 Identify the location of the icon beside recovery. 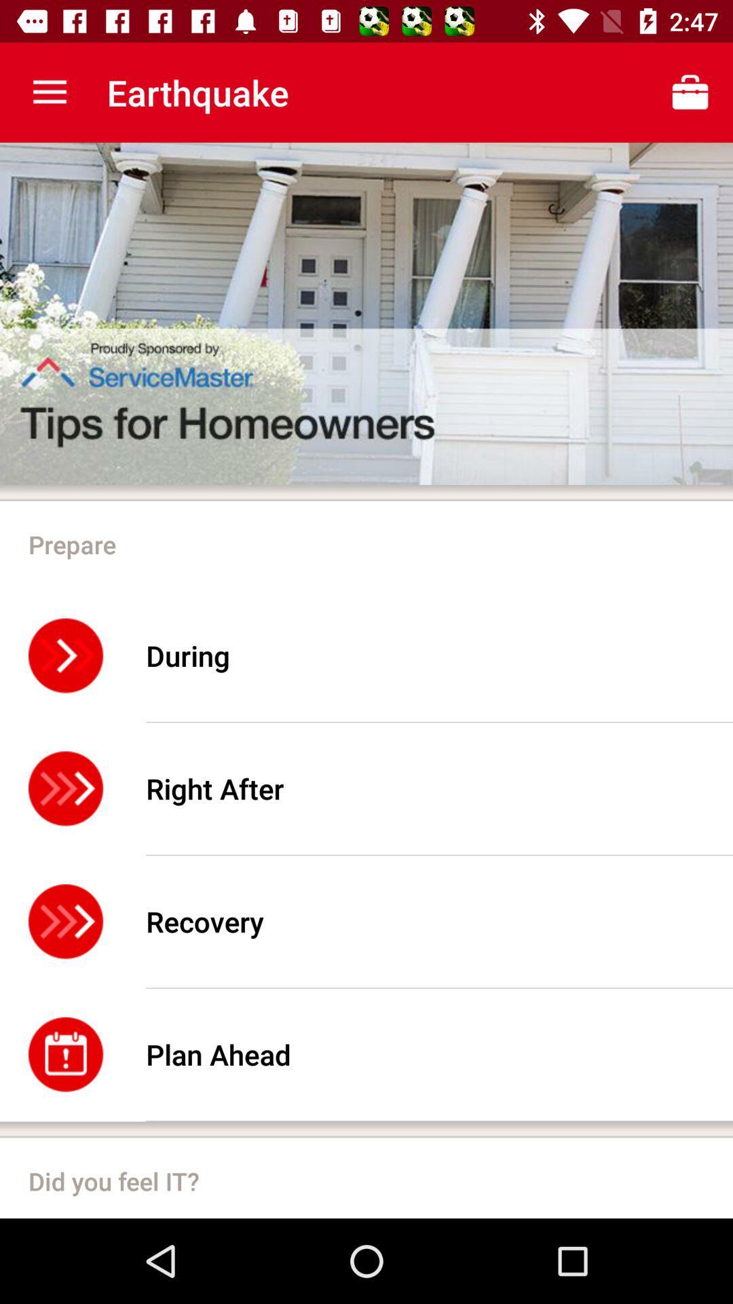
(65, 922).